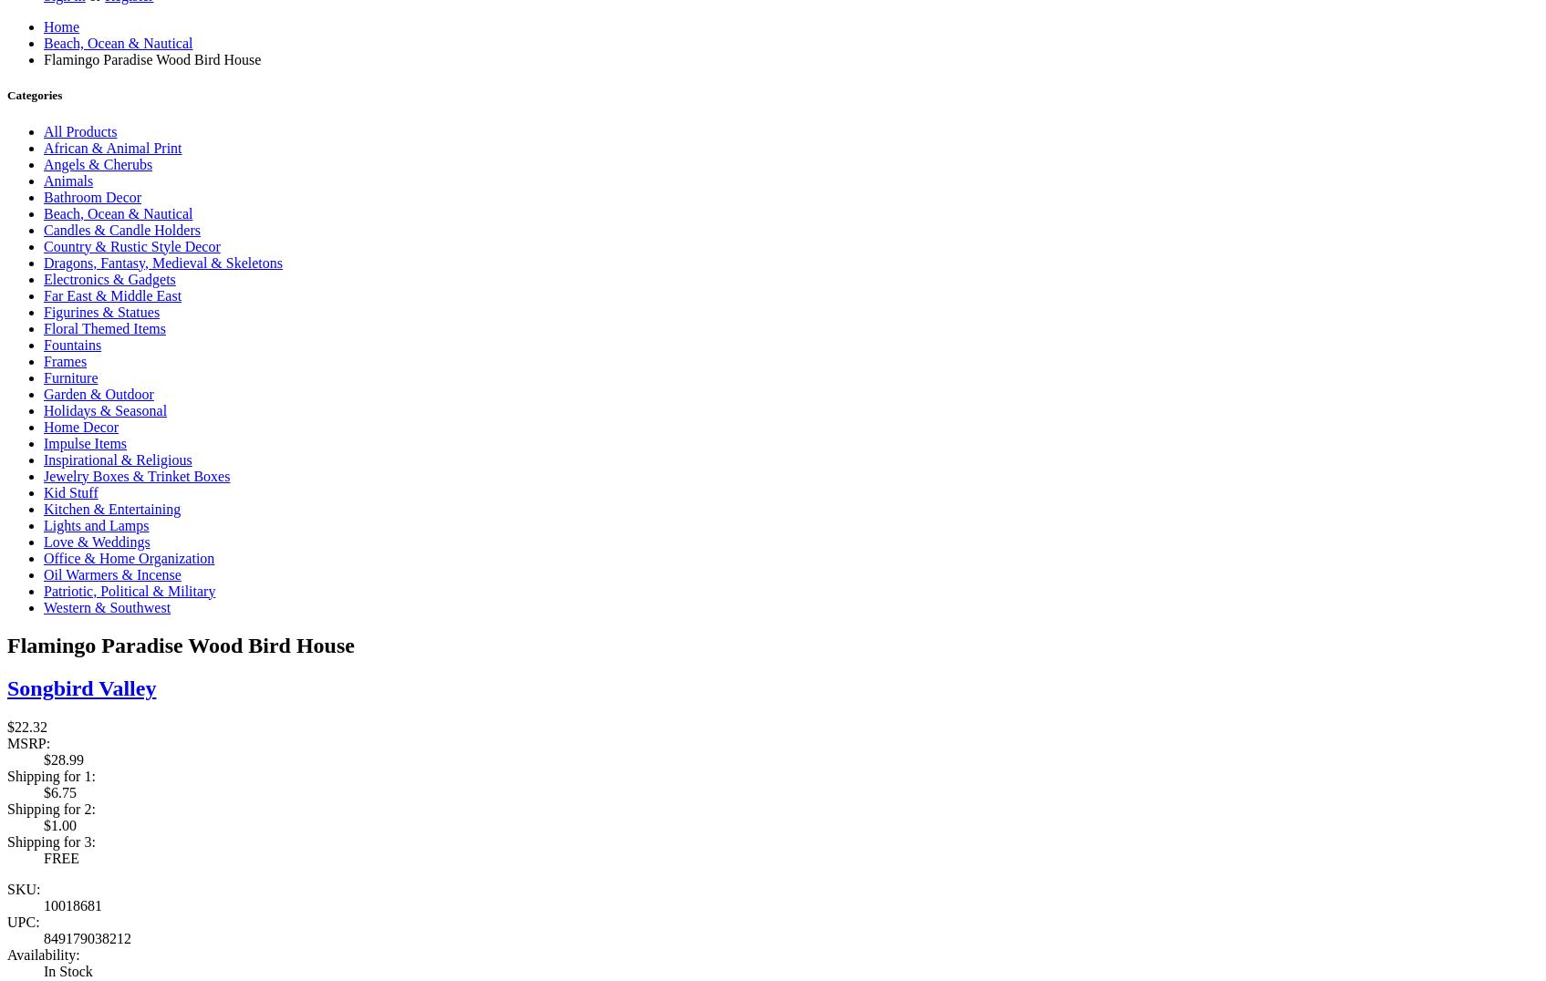 The height and width of the screenshot is (981, 1546). Describe the element at coordinates (130, 589) in the screenshot. I see `'Patriotic, Political & Military'` at that location.